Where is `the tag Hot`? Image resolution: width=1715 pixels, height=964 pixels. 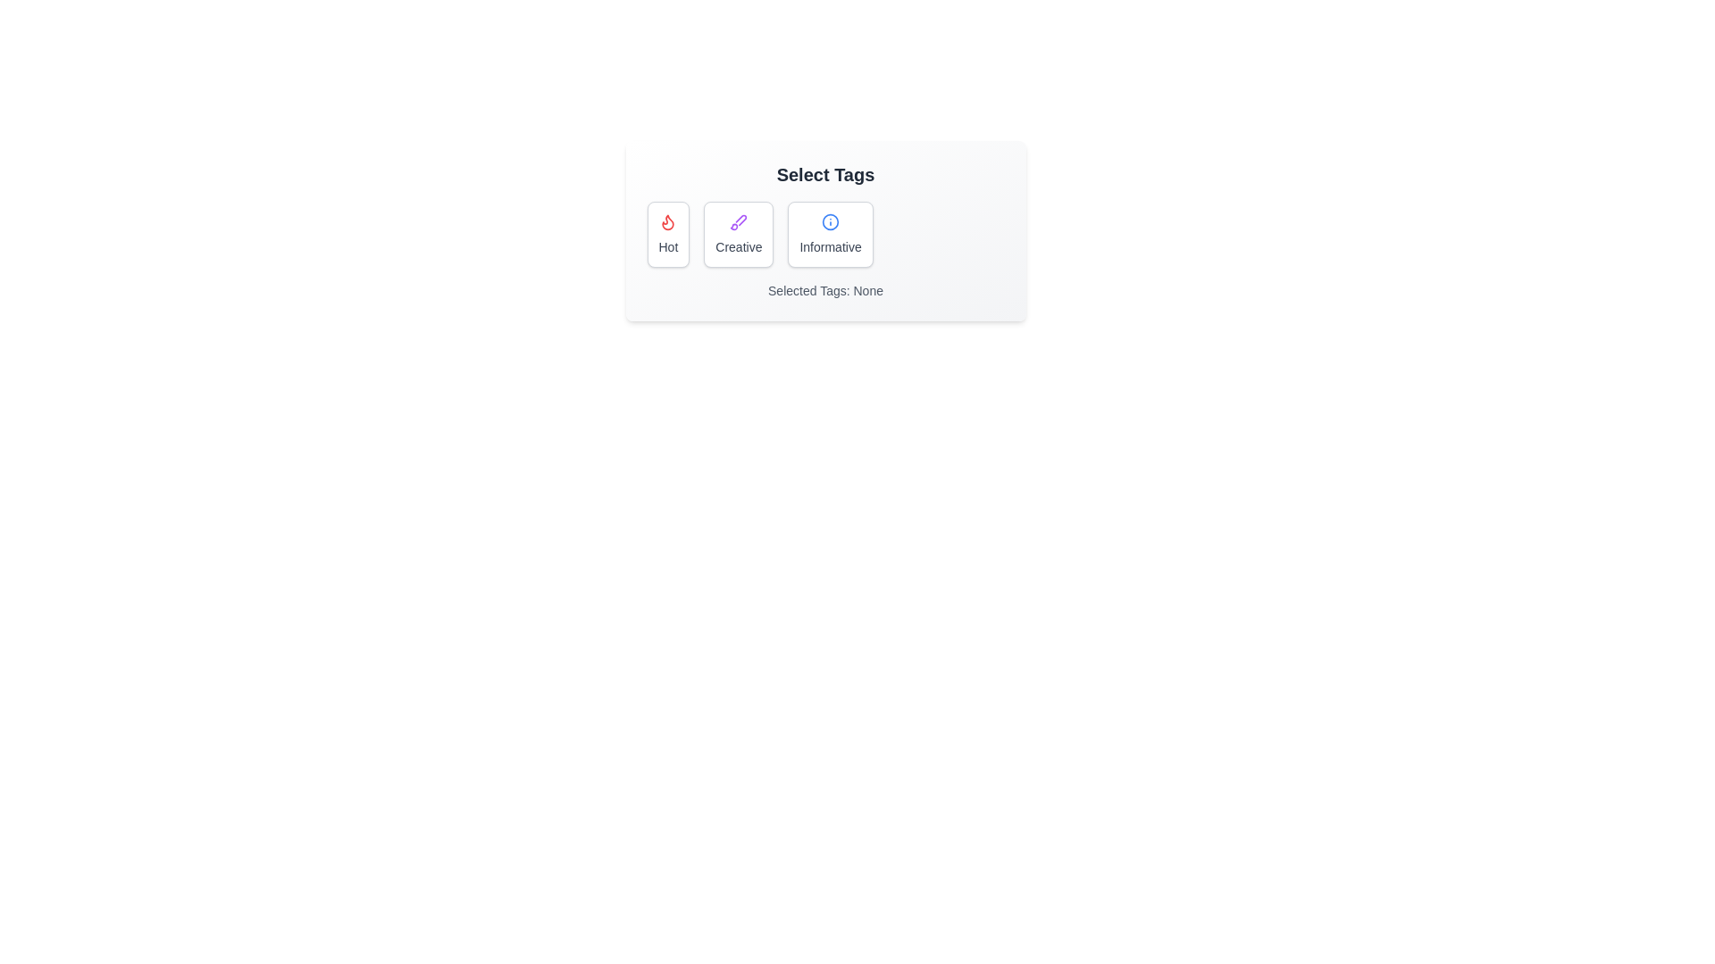
the tag Hot is located at coordinates (667, 233).